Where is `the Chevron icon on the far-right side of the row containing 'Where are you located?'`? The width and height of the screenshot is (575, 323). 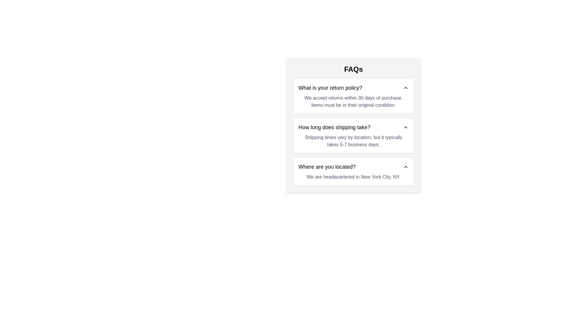 the Chevron icon on the far-right side of the row containing 'Where are you located?' is located at coordinates (405, 167).